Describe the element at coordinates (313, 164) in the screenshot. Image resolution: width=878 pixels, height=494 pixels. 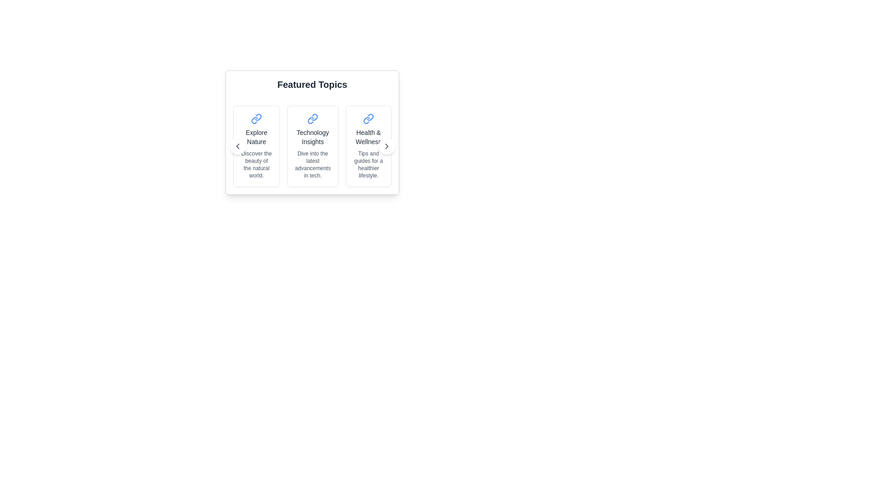
I see `the static text that provides a brief description for the 'Technology Insights' topic, located beneath the title 'Technology Insights' in the central card among three horizontally arranged cards` at that location.